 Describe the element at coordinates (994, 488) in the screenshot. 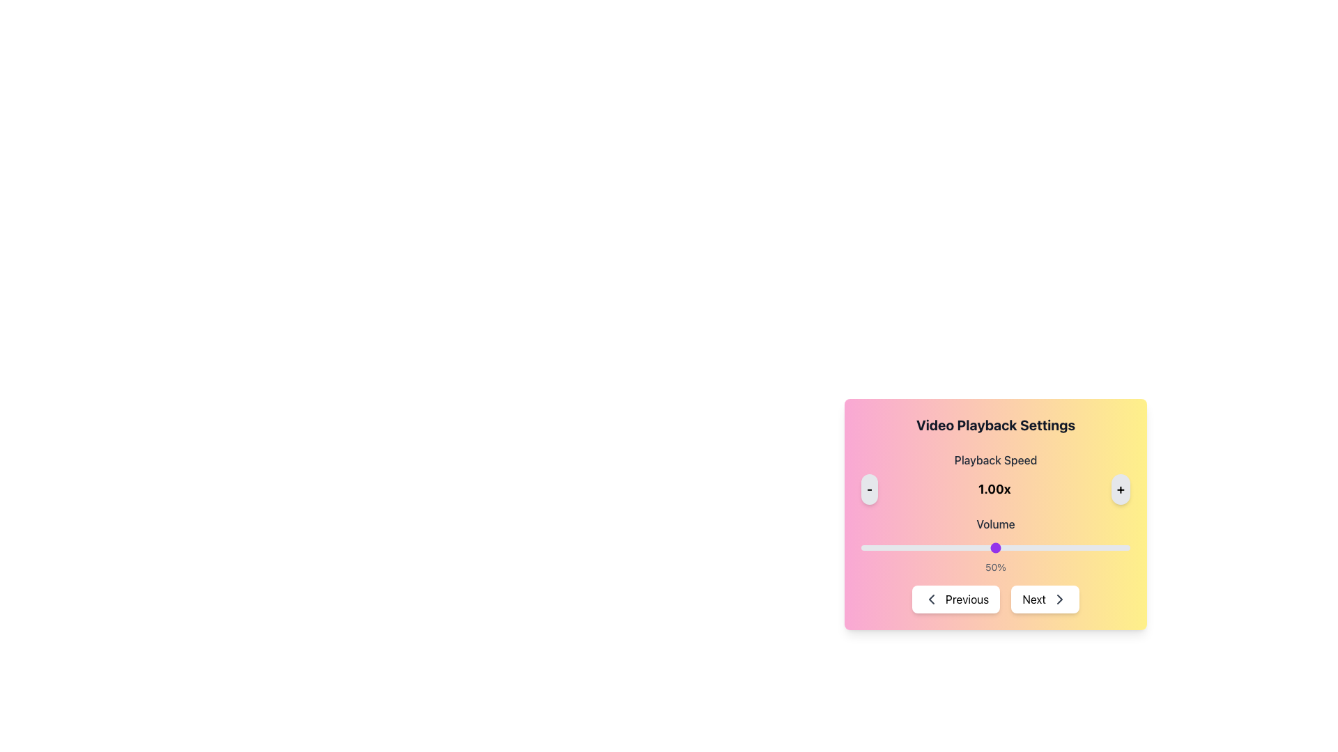

I see `the static text label displaying '1.00x' in bold, large black font, located in the 'Playback Speed' section of the 'Video Playback Settings' dialog box` at that location.